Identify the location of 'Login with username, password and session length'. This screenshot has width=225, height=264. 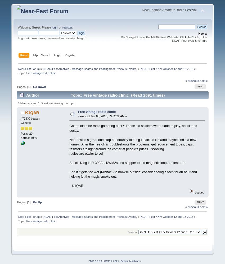
(51, 38).